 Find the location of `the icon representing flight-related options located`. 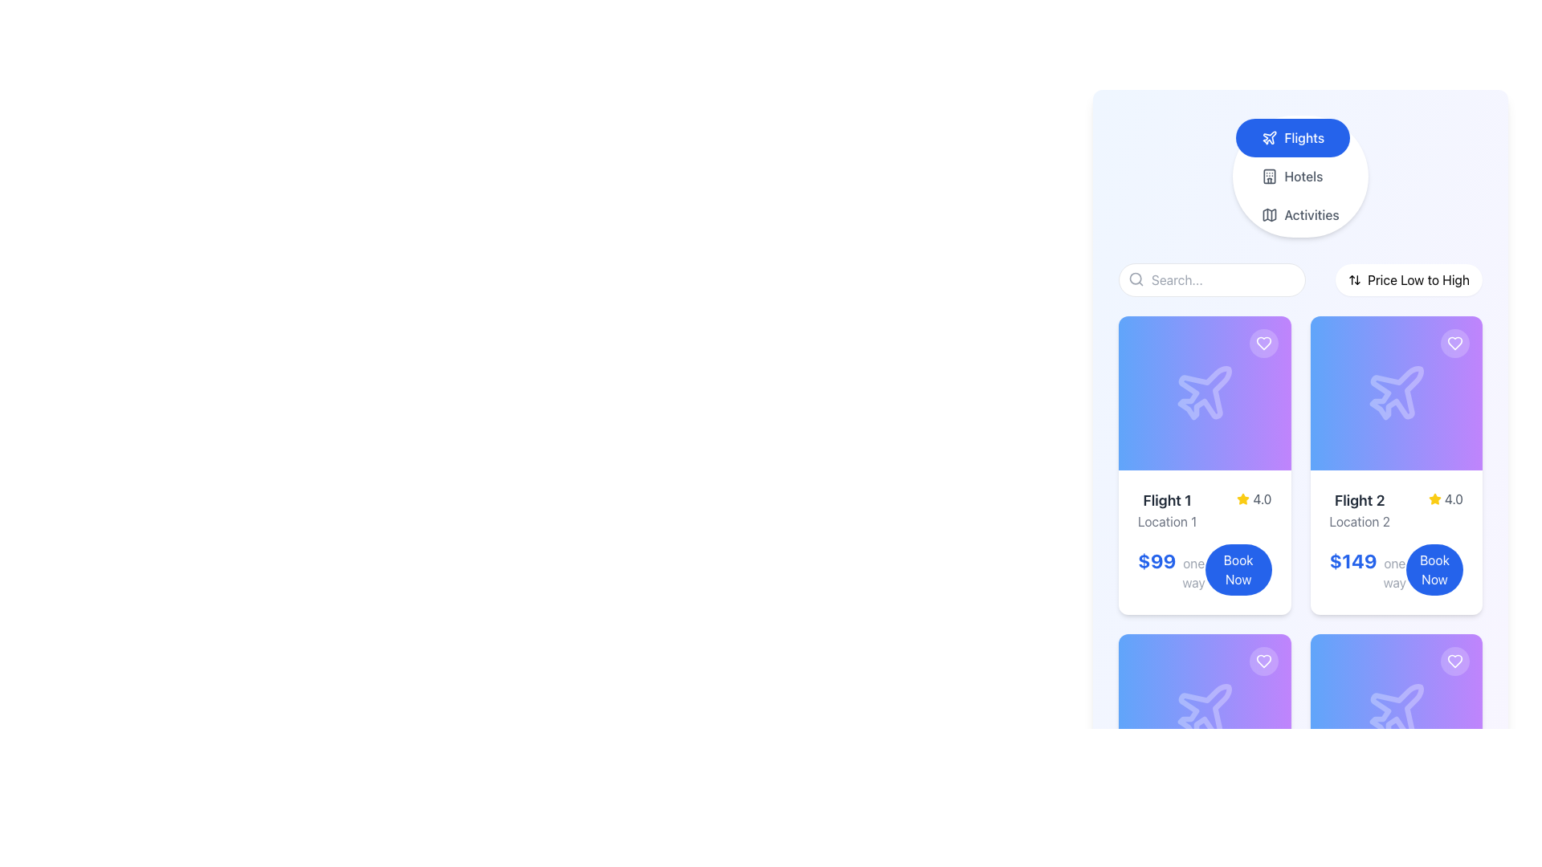

the icon representing flight-related options located is located at coordinates (1204, 709).